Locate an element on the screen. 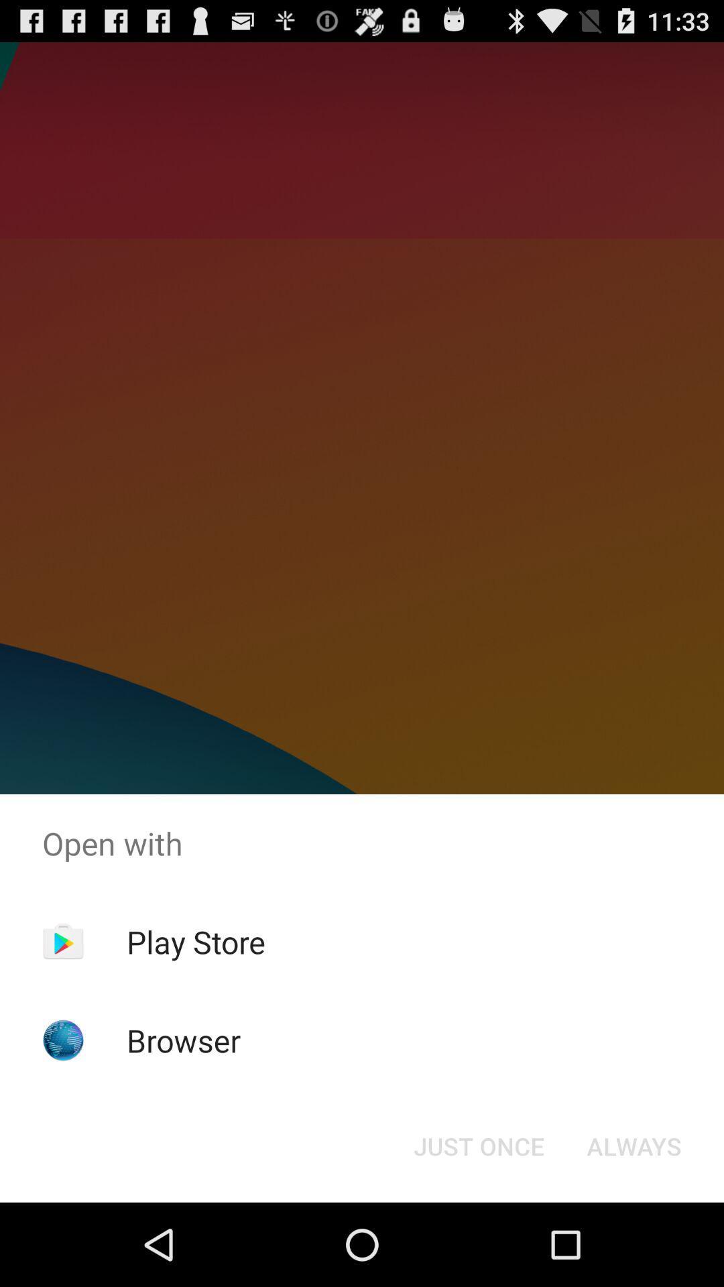  the item below open with app is located at coordinates (196, 941).